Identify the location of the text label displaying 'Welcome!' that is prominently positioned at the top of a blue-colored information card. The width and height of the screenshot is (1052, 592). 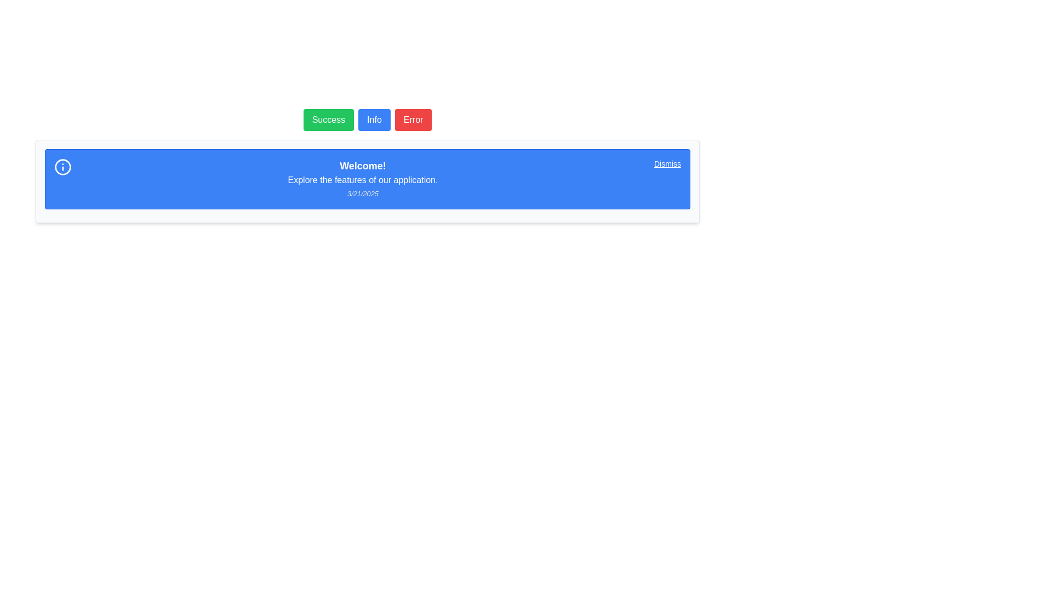
(363, 166).